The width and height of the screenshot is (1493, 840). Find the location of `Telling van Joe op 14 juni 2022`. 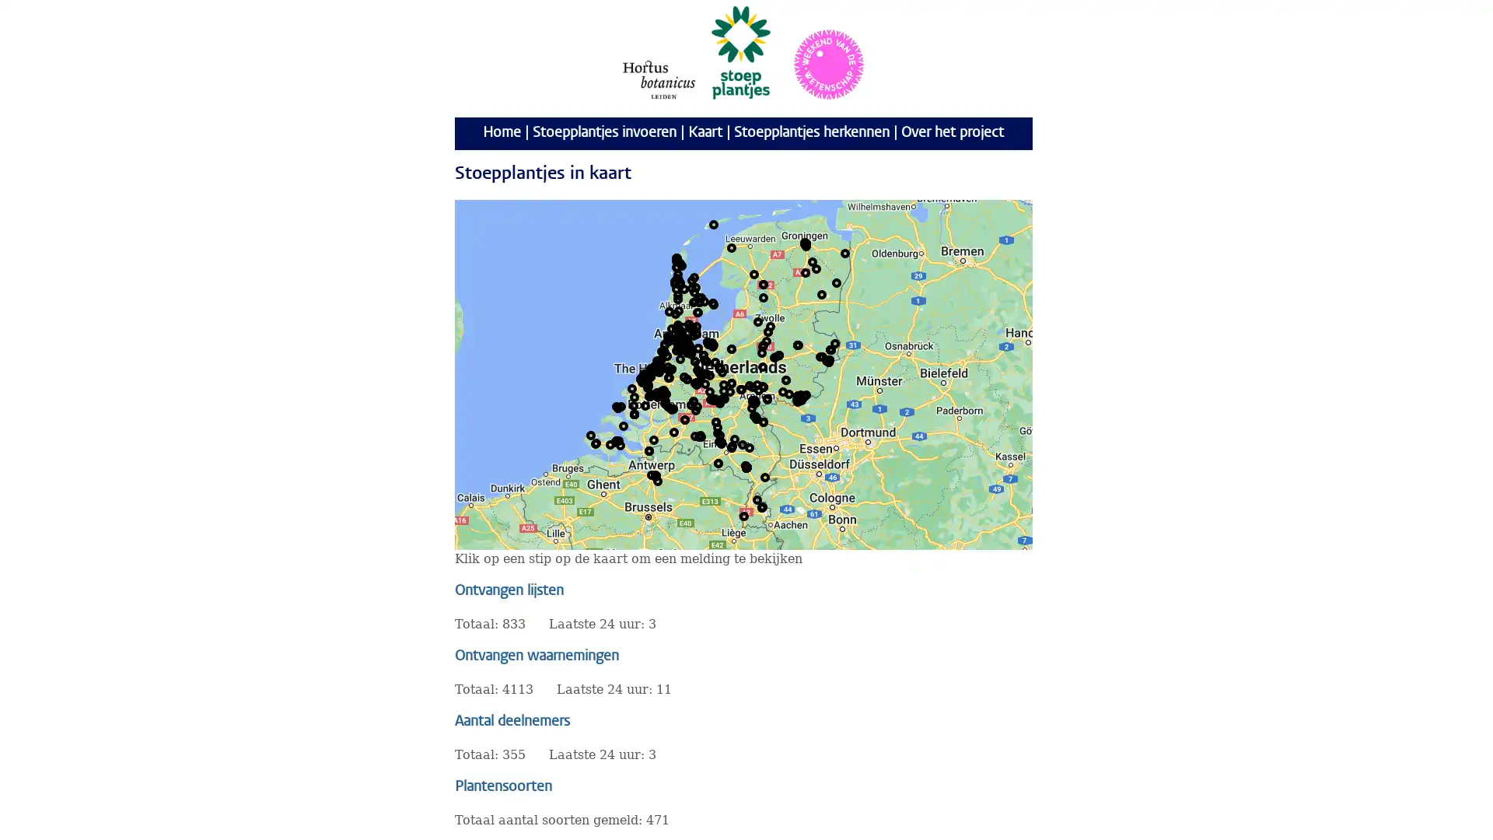

Telling van Joe op 14 juni 2022 is located at coordinates (835, 282).